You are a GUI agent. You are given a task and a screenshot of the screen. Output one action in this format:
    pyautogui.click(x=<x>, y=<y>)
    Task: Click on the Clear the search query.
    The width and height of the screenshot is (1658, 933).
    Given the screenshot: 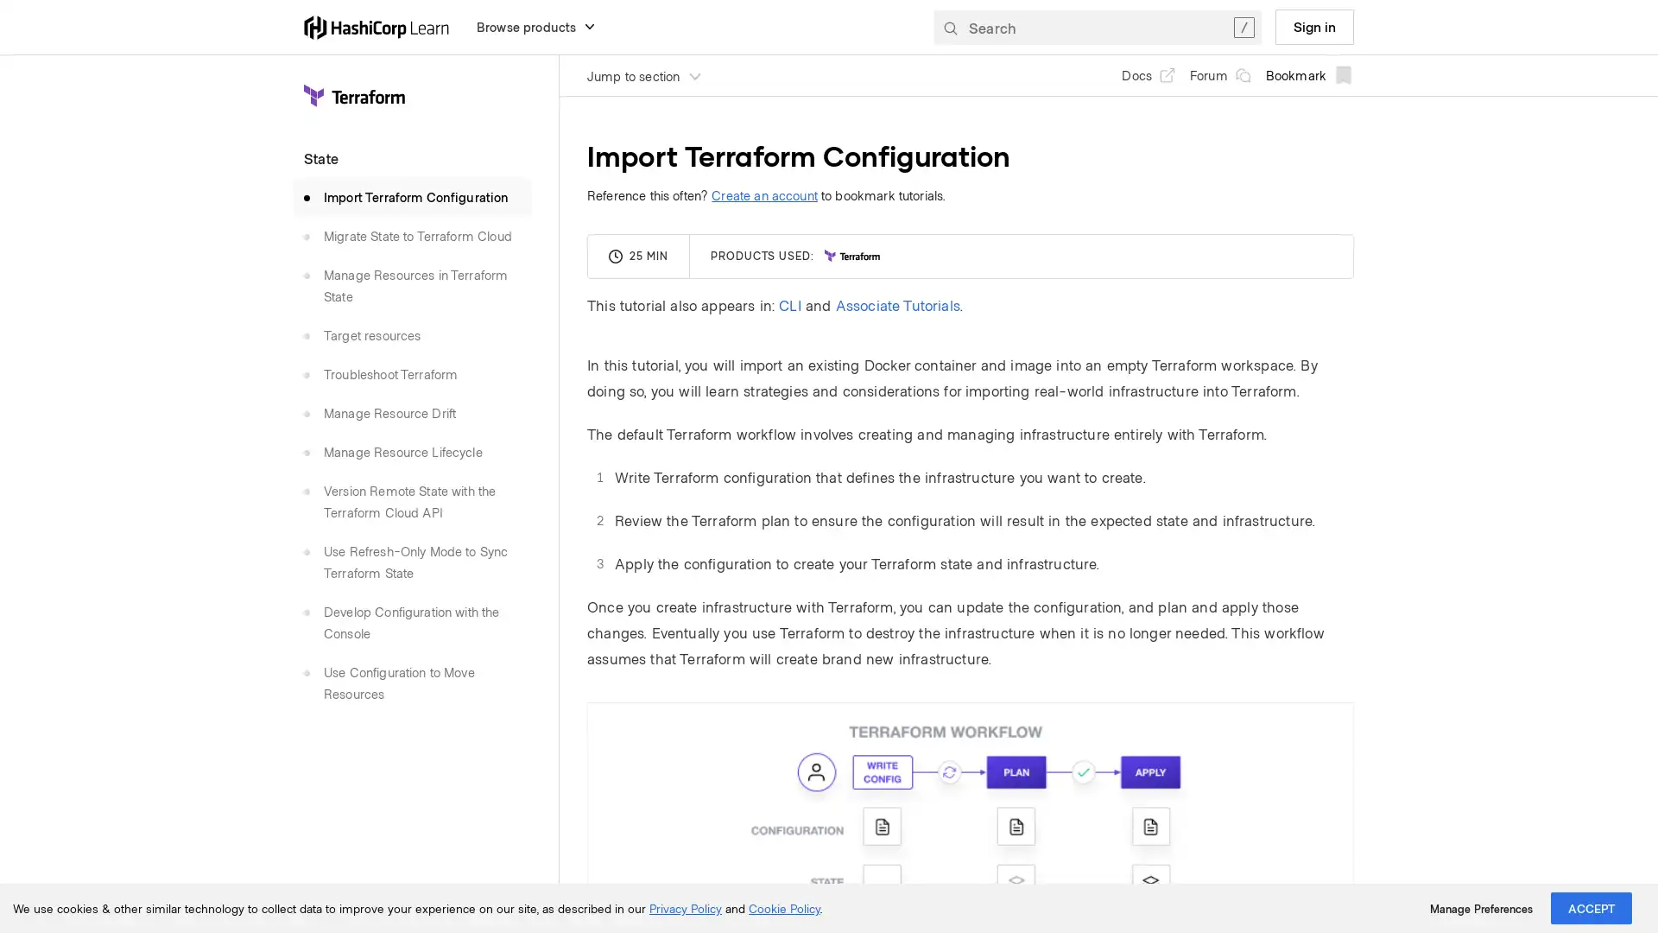 What is the action you would take?
    pyautogui.click(x=1243, y=26)
    